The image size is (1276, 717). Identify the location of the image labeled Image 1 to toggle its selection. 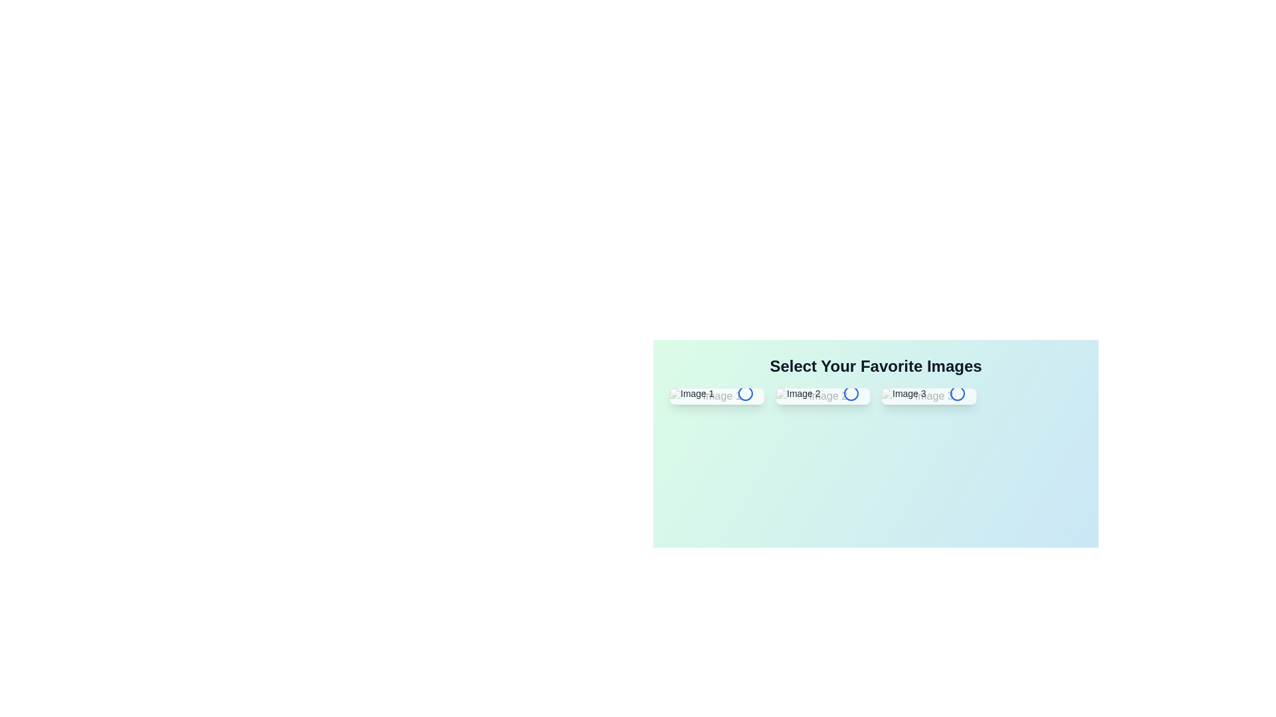
(716, 396).